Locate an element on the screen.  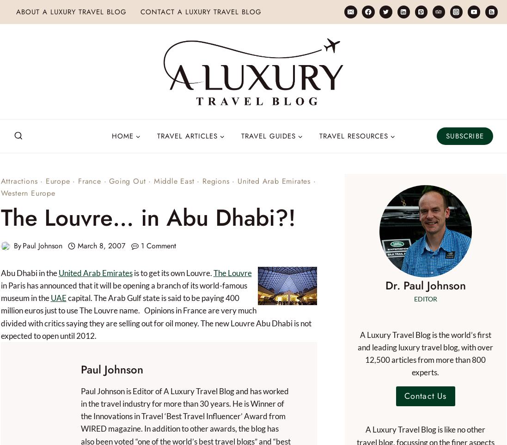
'UAE' is located at coordinates (58, 297).